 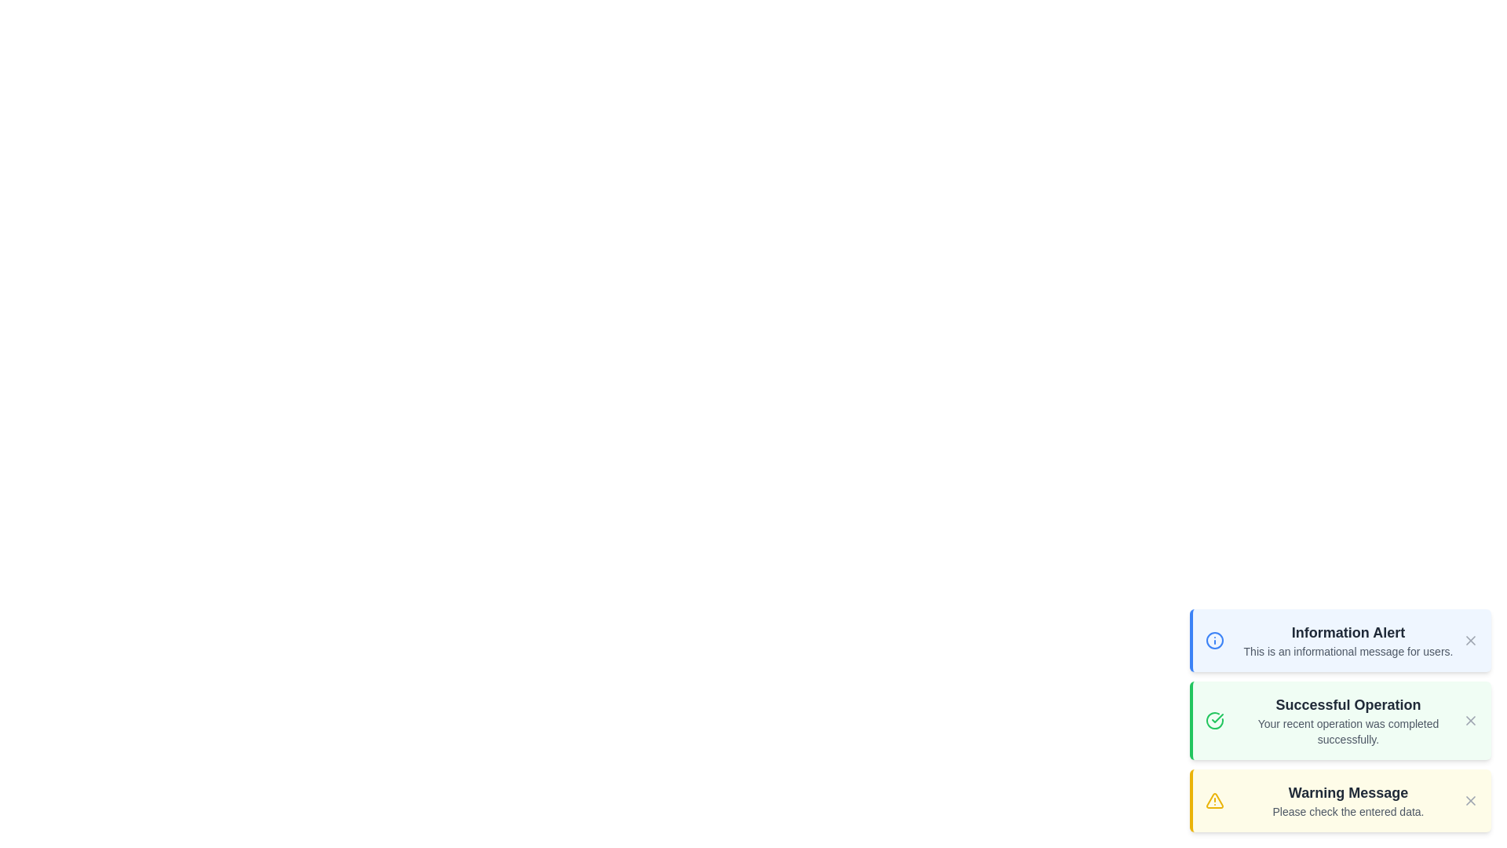 What do you see at coordinates (1469, 721) in the screenshot?
I see `the close button of the notification with title Successful Operation` at bounding box center [1469, 721].